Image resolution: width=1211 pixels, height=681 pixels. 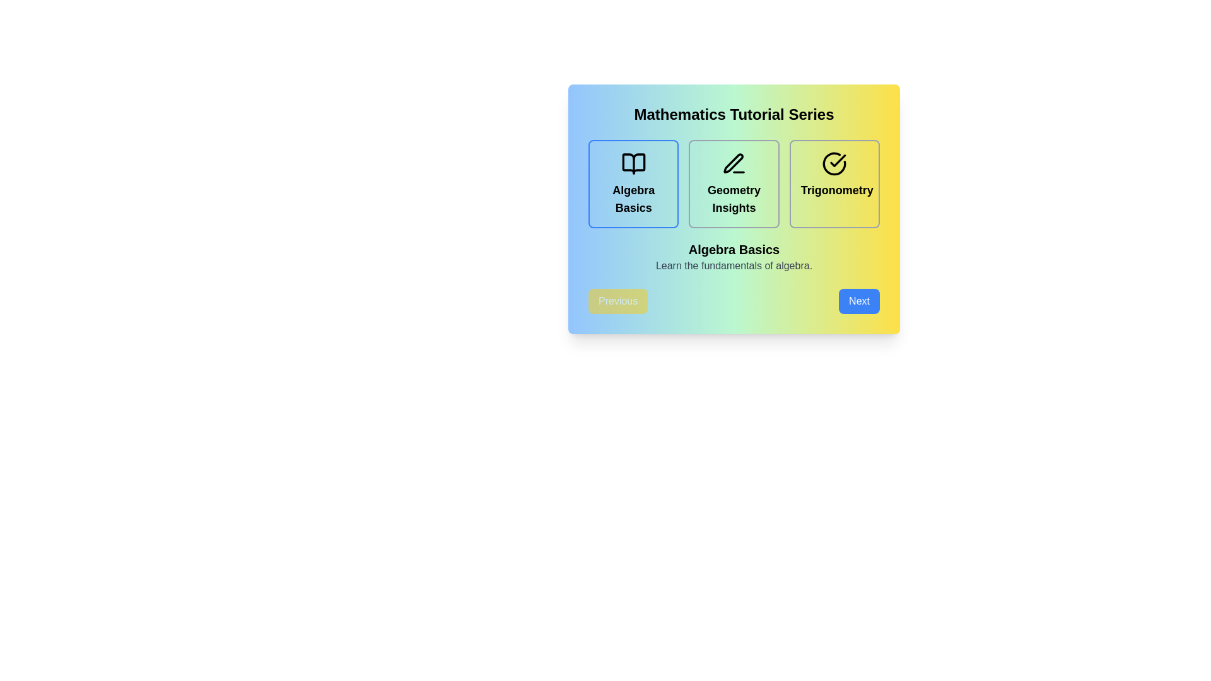 I want to click on the lesson card corresponding to Trigonometry to view its details, so click(x=834, y=184).